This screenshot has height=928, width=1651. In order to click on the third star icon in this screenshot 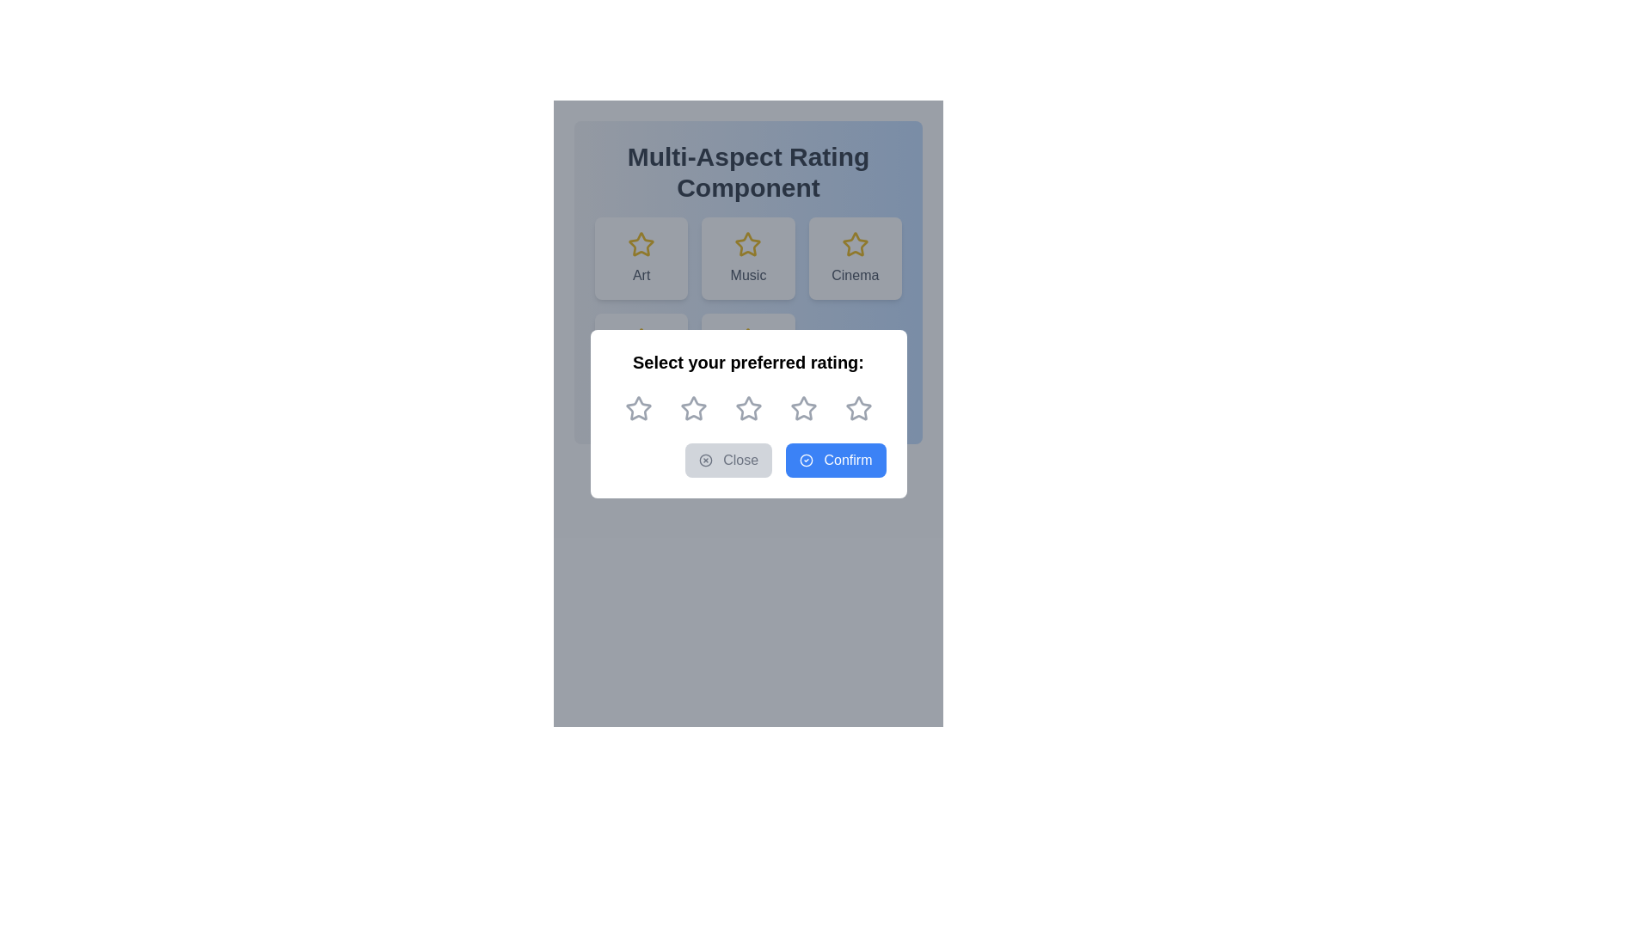, I will do `click(748, 408)`.